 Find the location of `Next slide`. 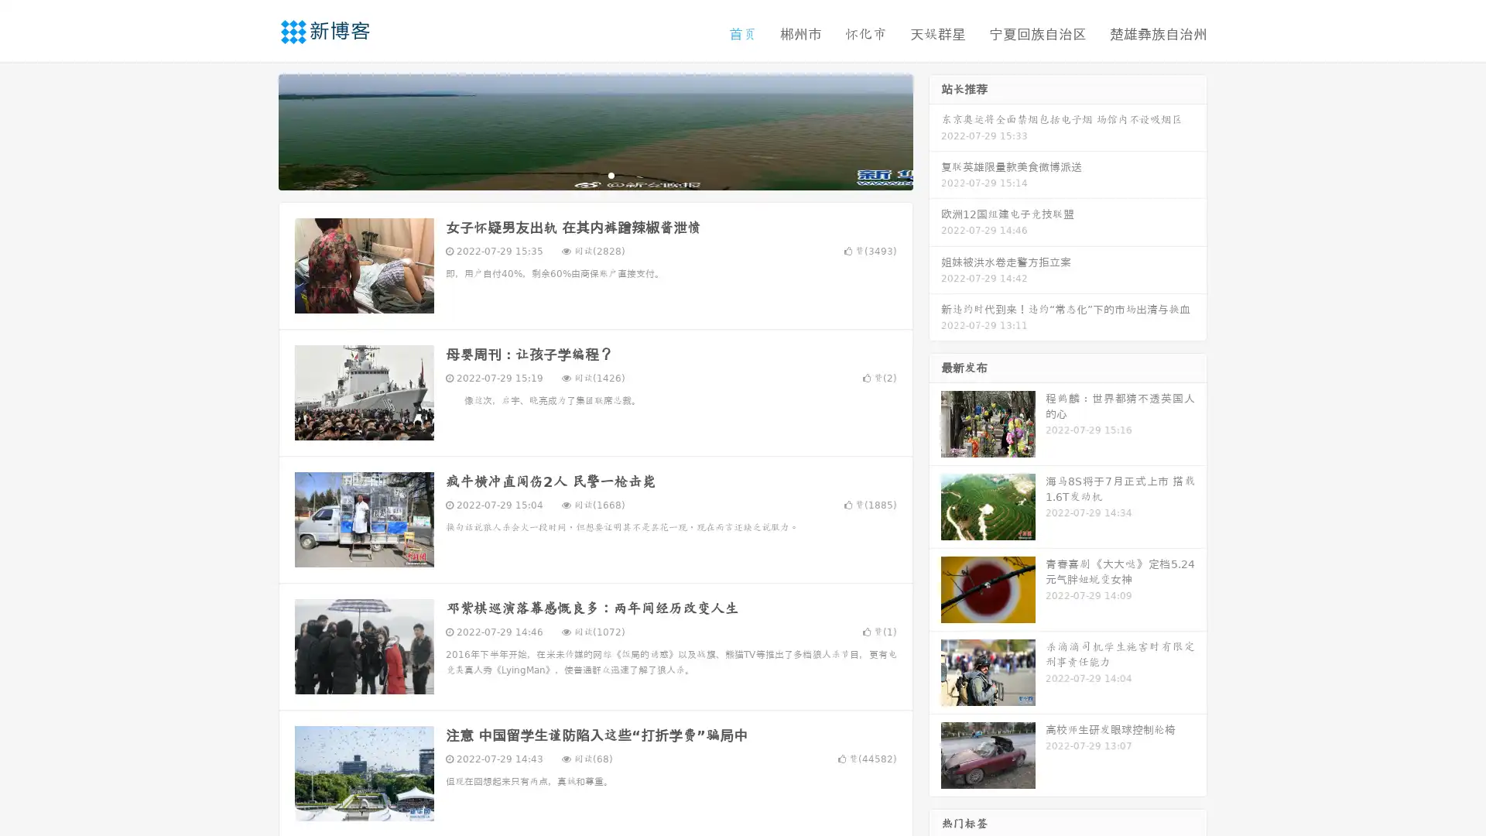

Next slide is located at coordinates (935, 130).